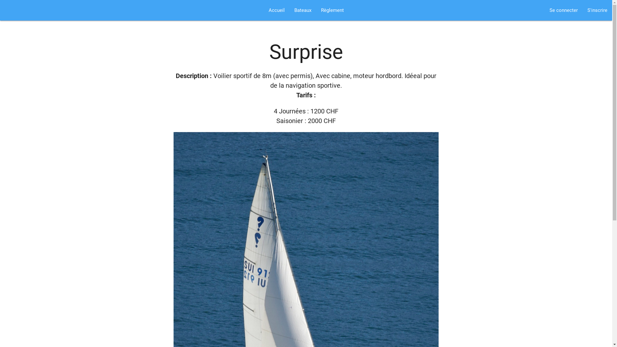 Image resolution: width=617 pixels, height=347 pixels. Describe the element at coordinates (276, 10) in the screenshot. I see `'Accueil'` at that location.